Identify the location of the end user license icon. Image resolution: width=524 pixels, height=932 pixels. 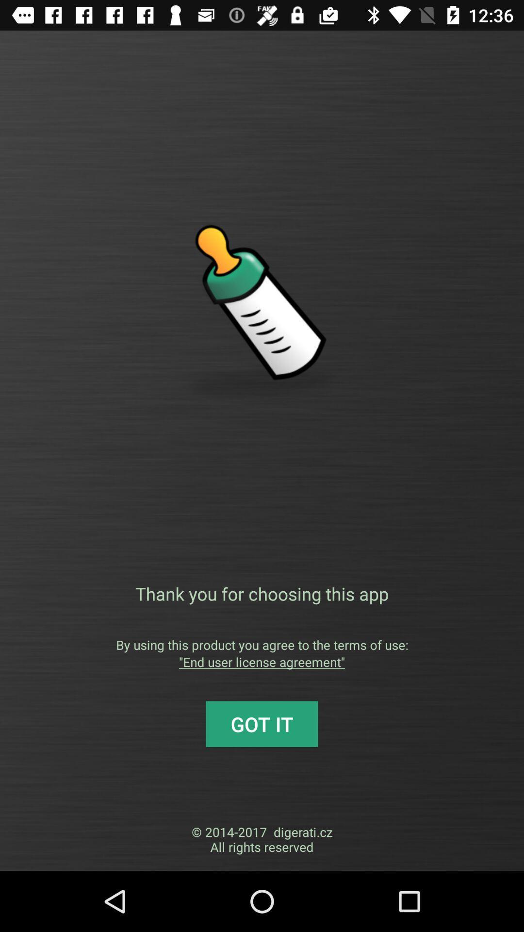
(262, 661).